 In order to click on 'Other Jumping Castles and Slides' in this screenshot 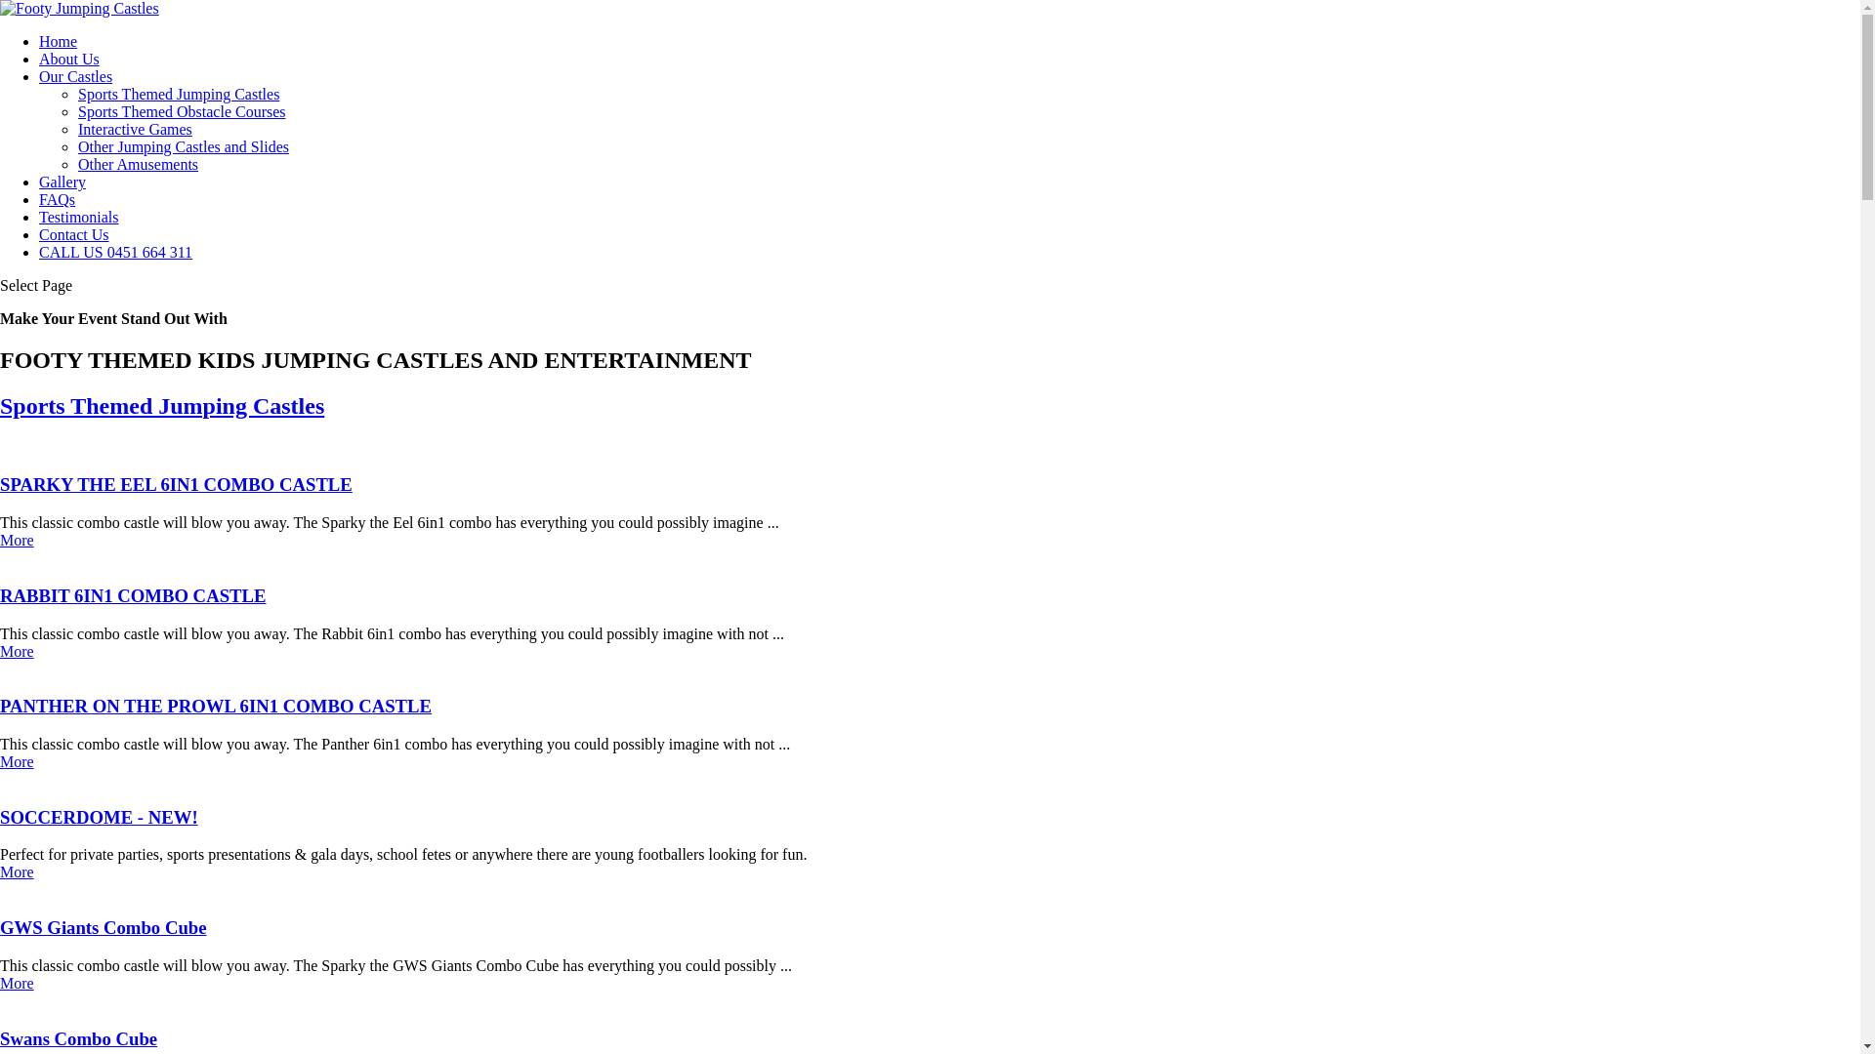, I will do `click(78, 145)`.